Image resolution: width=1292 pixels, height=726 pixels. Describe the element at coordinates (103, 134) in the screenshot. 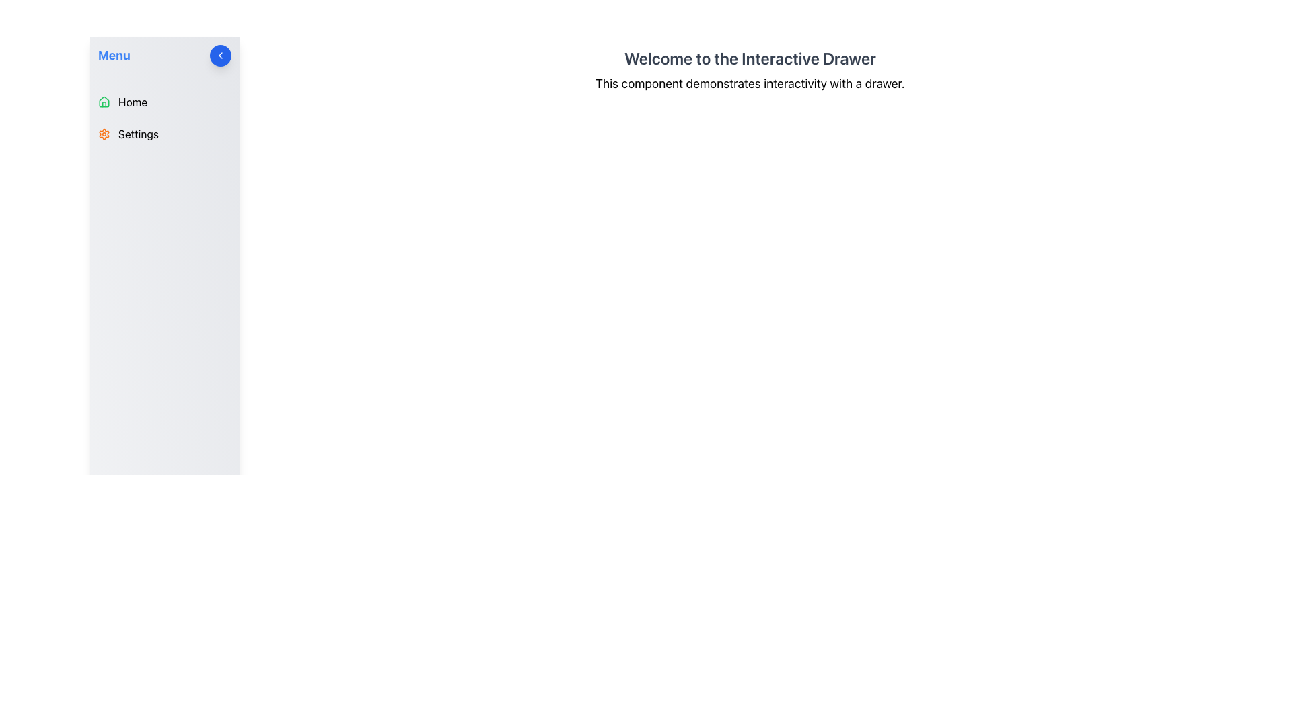

I see `the gear-shaped settings icon with a vibrant orange outline located in the left-hand navigation menu, next` at that location.